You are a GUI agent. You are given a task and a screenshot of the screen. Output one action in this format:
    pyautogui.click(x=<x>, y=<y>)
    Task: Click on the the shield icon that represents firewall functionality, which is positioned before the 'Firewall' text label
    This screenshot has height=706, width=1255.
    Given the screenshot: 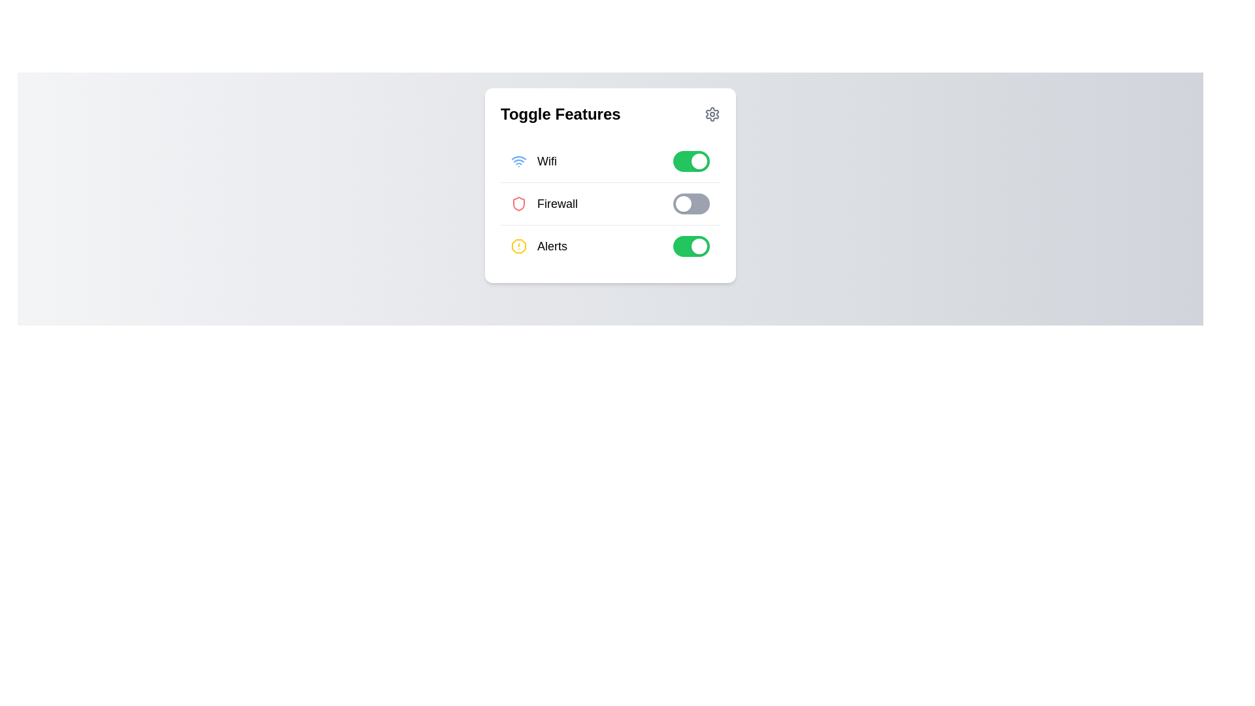 What is the action you would take?
    pyautogui.click(x=518, y=204)
    